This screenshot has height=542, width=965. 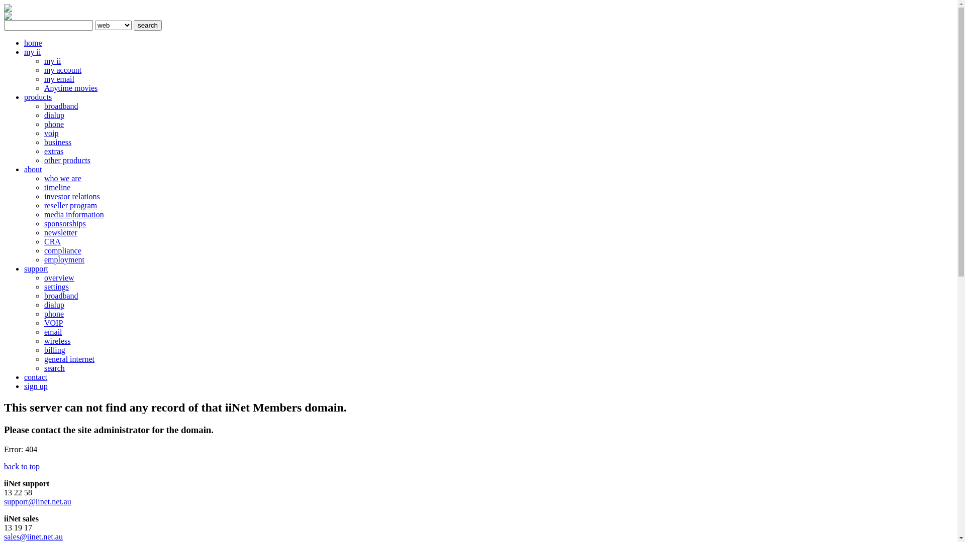 What do you see at coordinates (57, 340) in the screenshot?
I see `'wireless'` at bounding box center [57, 340].